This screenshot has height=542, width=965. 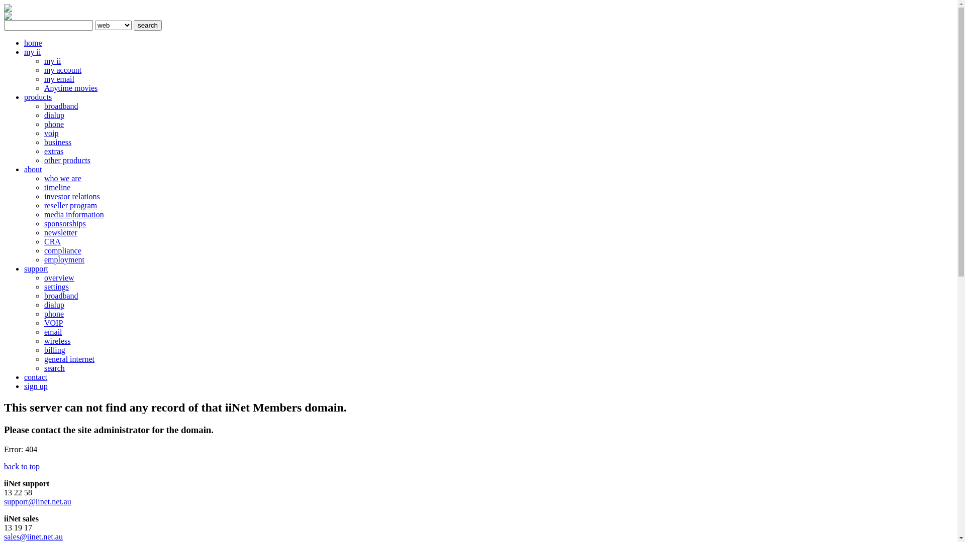 What do you see at coordinates (57, 340) in the screenshot?
I see `'wireless'` at bounding box center [57, 340].